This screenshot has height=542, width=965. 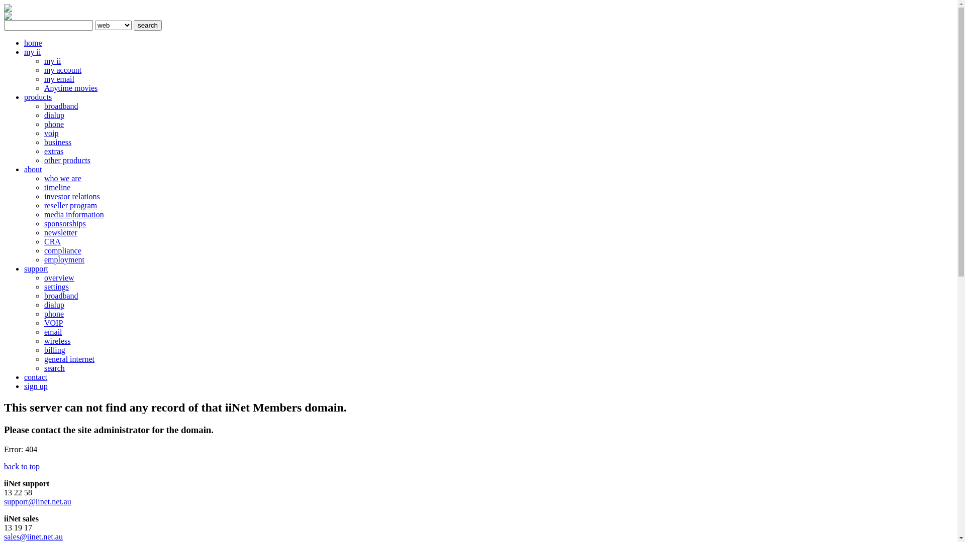 What do you see at coordinates (57, 340) in the screenshot?
I see `'wireless'` at bounding box center [57, 340].